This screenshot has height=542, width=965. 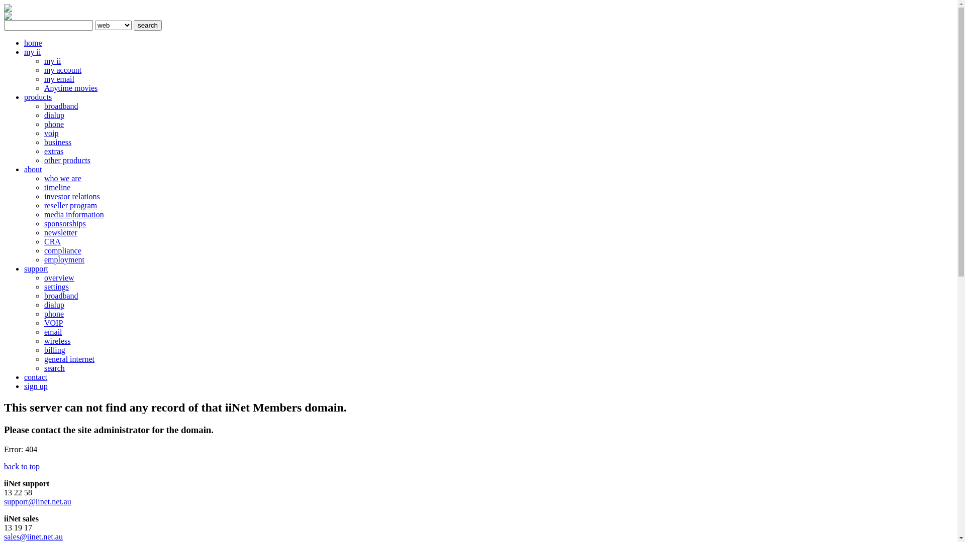 What do you see at coordinates (57, 340) in the screenshot?
I see `'wireless'` at bounding box center [57, 340].